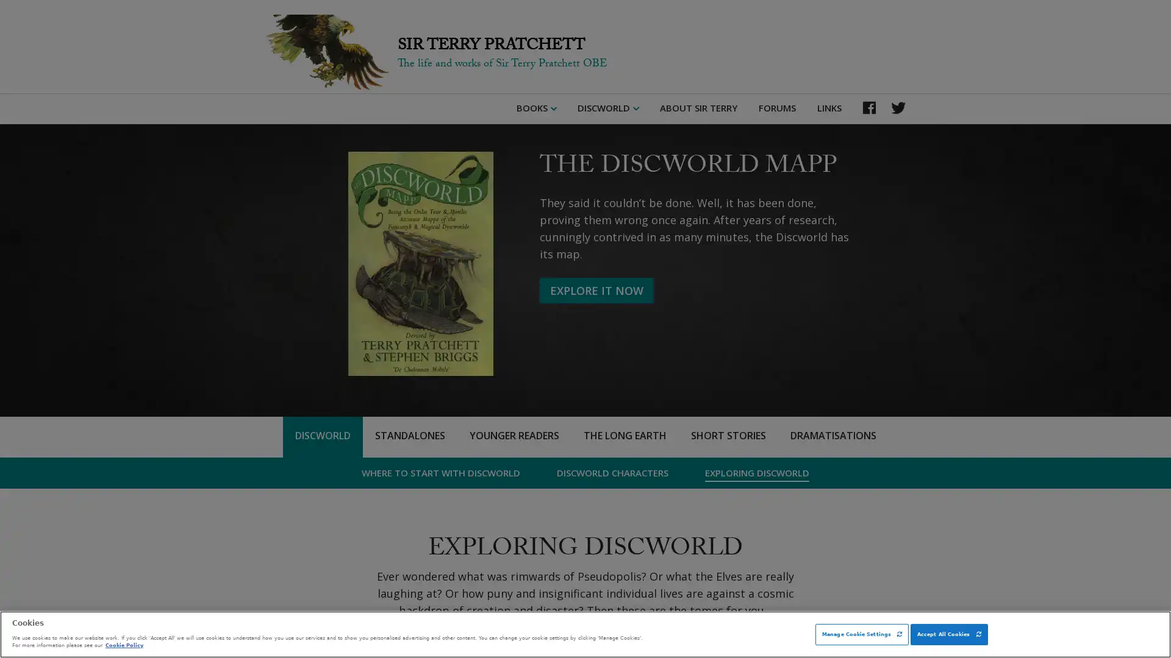  I want to click on Manage Cookie Settings, so click(861, 634).